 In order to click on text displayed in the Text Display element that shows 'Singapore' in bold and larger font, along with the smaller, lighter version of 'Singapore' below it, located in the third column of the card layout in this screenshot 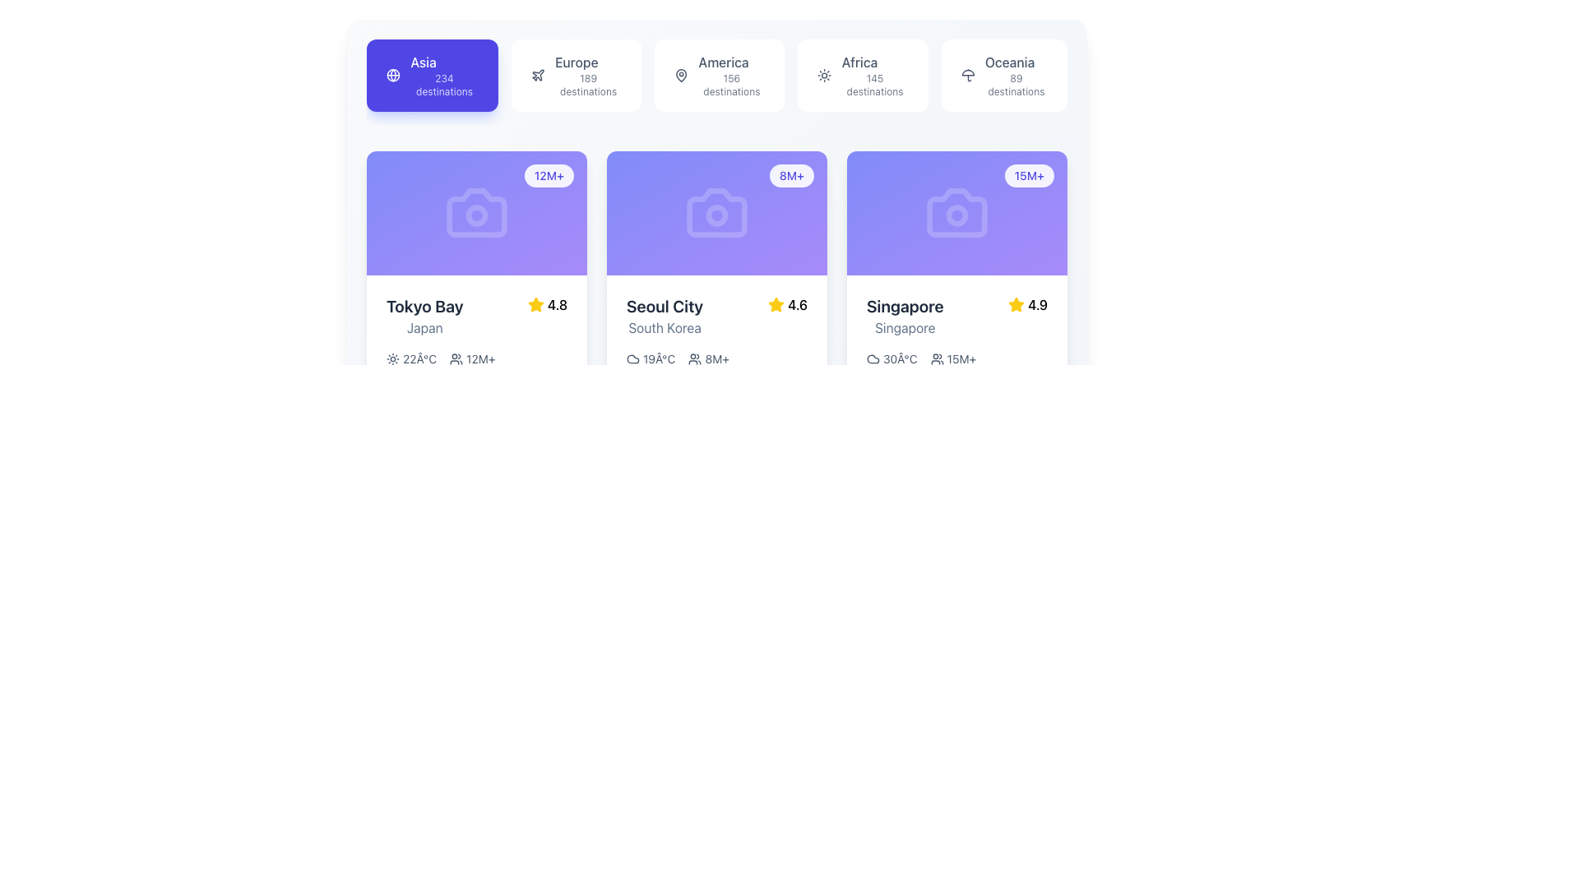, I will do `click(904, 316)`.